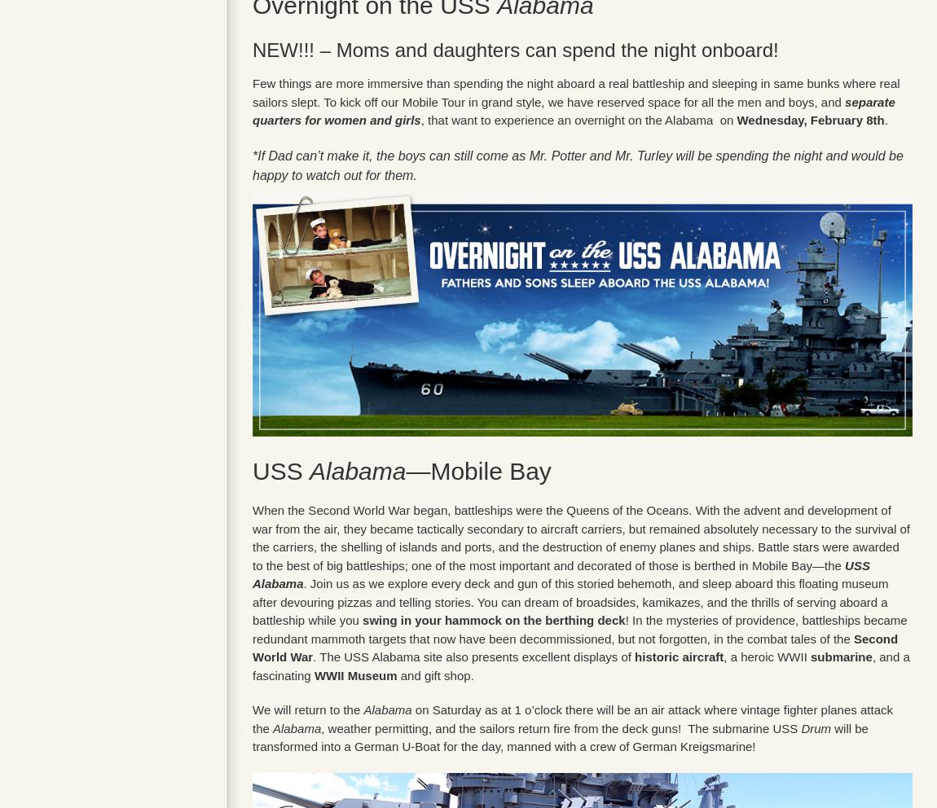 The image size is (937, 808). What do you see at coordinates (253, 164) in the screenshot?
I see `'*If Dad can’t make it, the boys can still come as Mr. Potter and Mr. Turley will be spending the night and would be happy to watch out for them.'` at bounding box center [253, 164].